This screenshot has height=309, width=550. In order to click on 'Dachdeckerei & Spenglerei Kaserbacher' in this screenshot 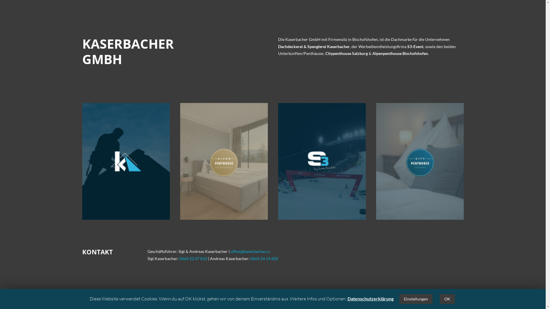, I will do `click(313, 46)`.